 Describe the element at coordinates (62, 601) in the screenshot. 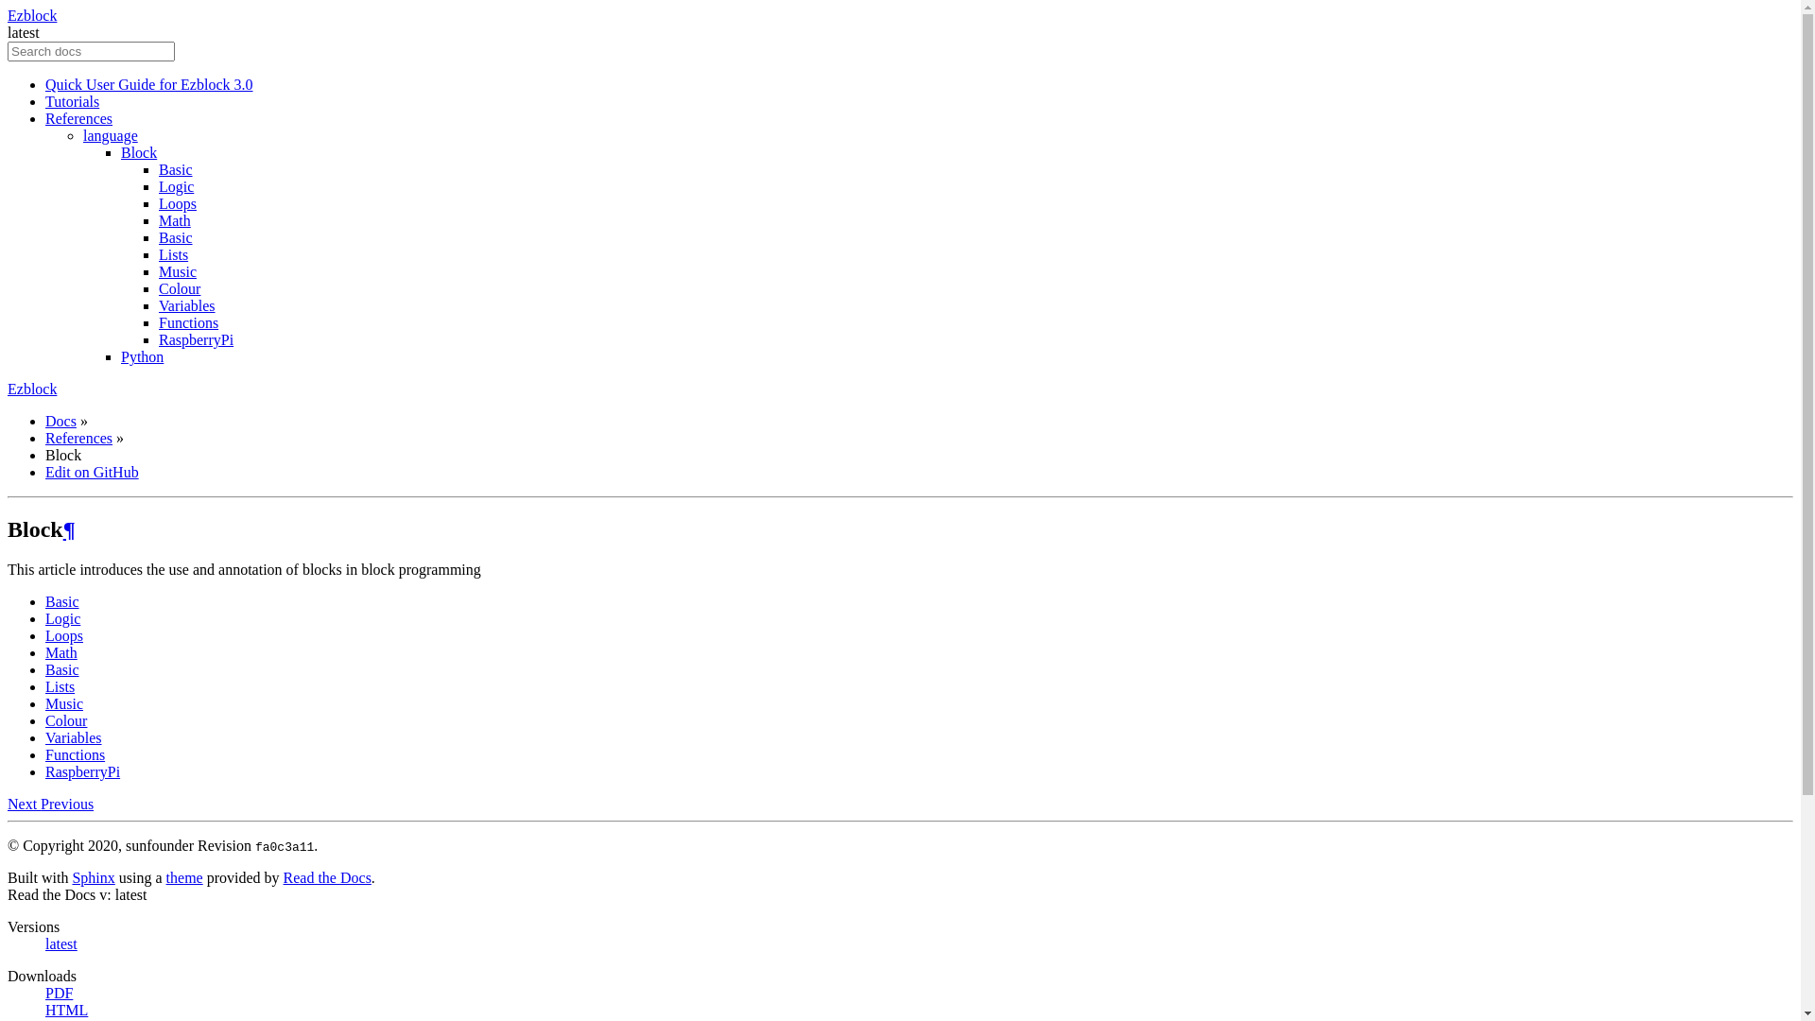

I see `'Basic'` at that location.